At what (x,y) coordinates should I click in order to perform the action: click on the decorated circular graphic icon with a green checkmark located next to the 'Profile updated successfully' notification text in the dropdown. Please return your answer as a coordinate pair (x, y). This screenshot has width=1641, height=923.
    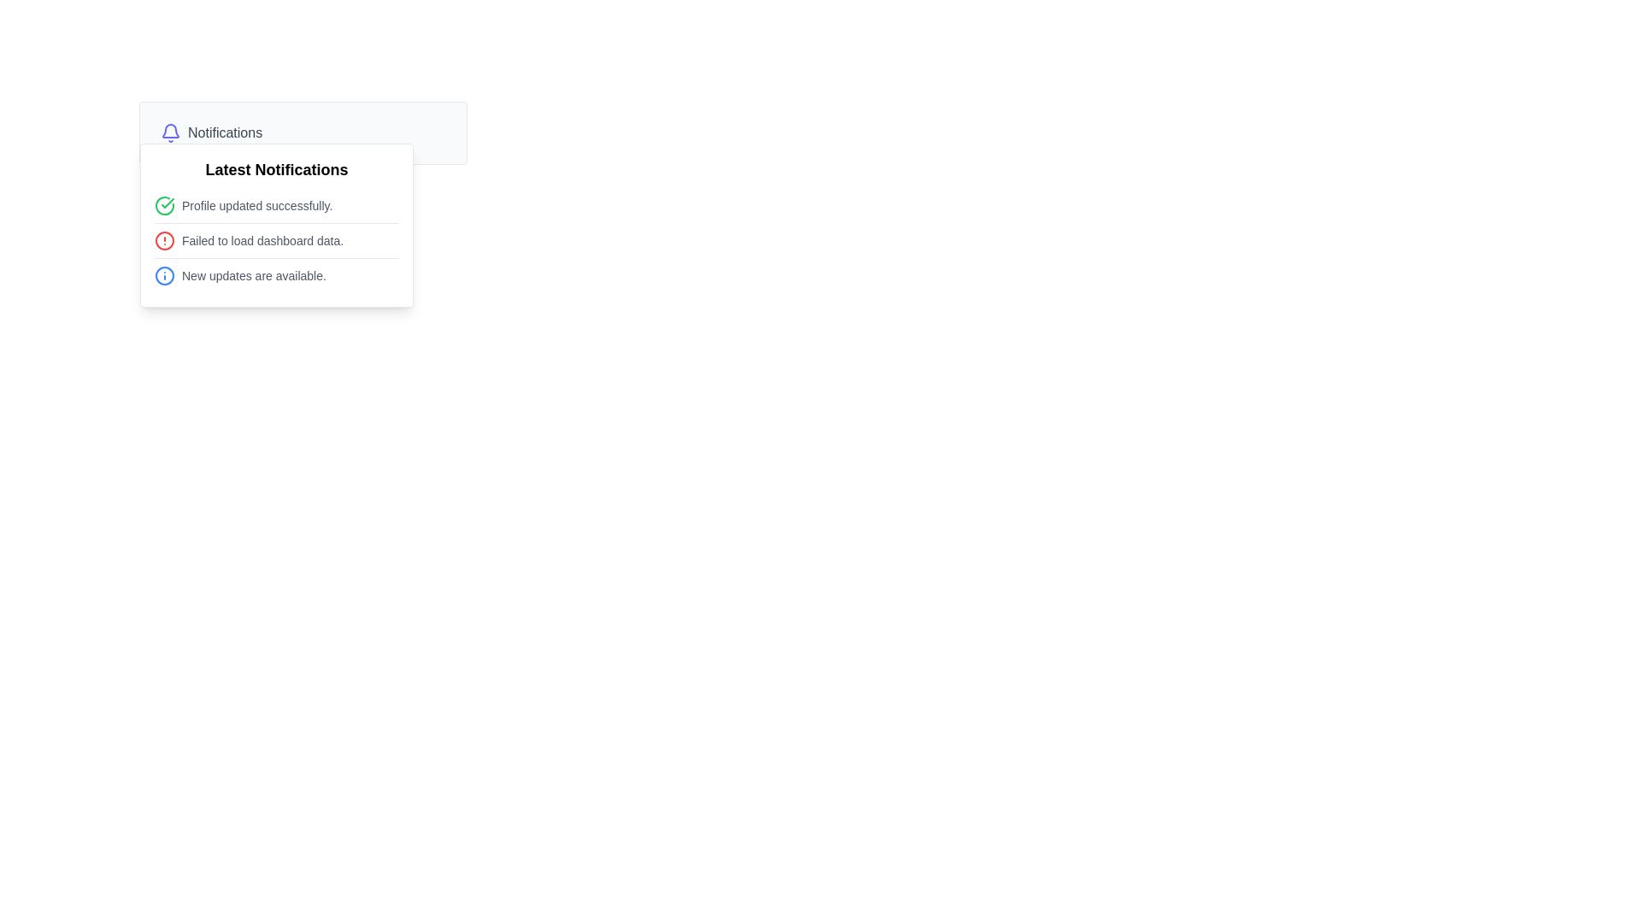
    Looking at the image, I should click on (164, 204).